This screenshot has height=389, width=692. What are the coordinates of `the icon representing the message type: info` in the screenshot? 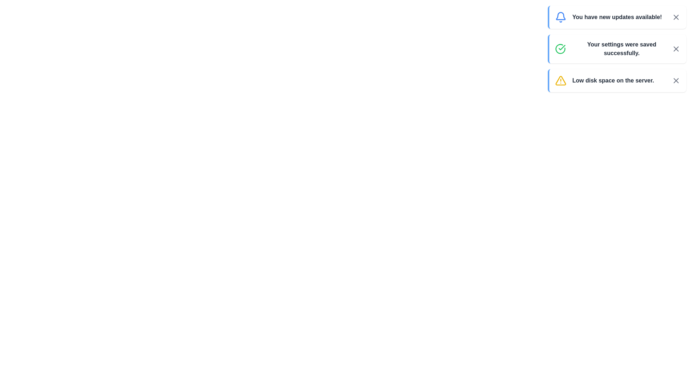 It's located at (560, 17).